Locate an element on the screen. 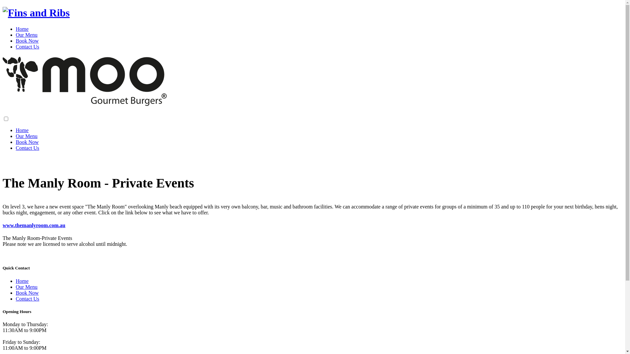 The height and width of the screenshot is (354, 630). 'Our Menu' is located at coordinates (26, 35).